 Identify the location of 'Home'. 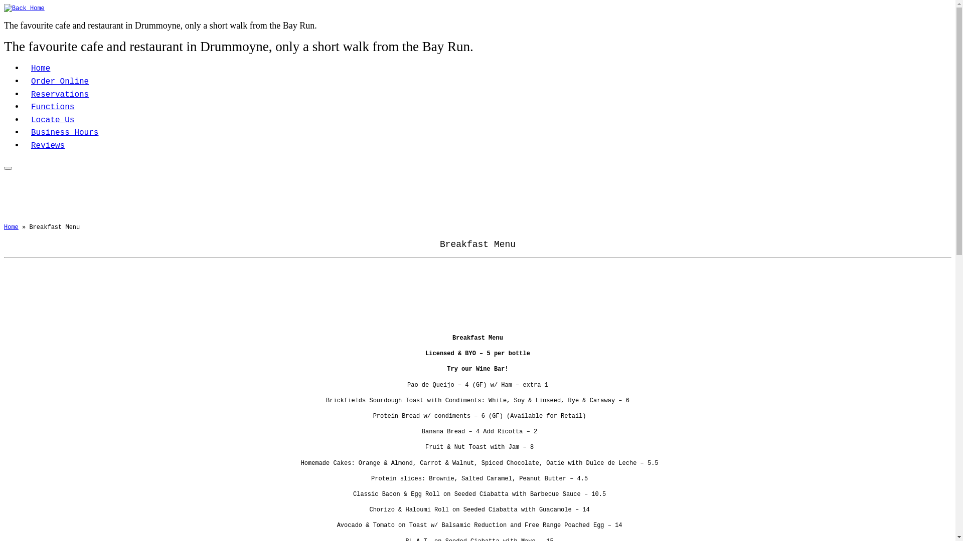
(11, 227).